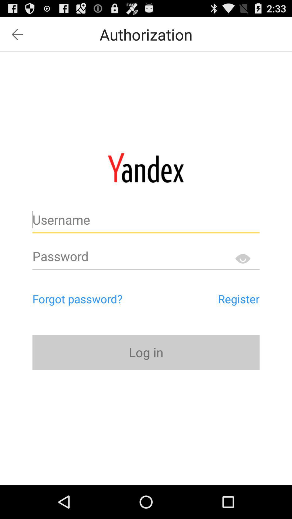 The width and height of the screenshot is (292, 519). What do you see at coordinates (146, 222) in the screenshot?
I see `text` at bounding box center [146, 222].